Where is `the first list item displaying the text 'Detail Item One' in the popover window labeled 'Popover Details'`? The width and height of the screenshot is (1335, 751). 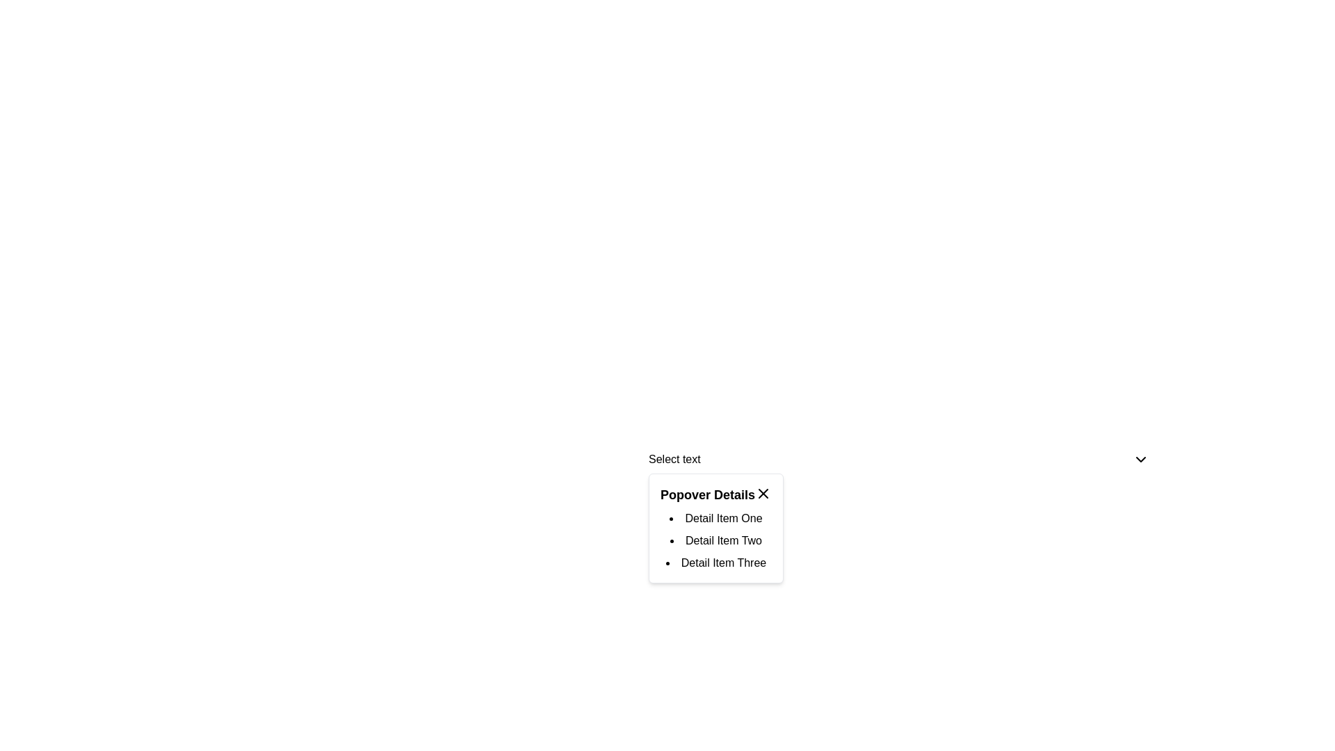
the first list item displaying the text 'Detail Item One' in the popover window labeled 'Popover Details' is located at coordinates (716, 518).